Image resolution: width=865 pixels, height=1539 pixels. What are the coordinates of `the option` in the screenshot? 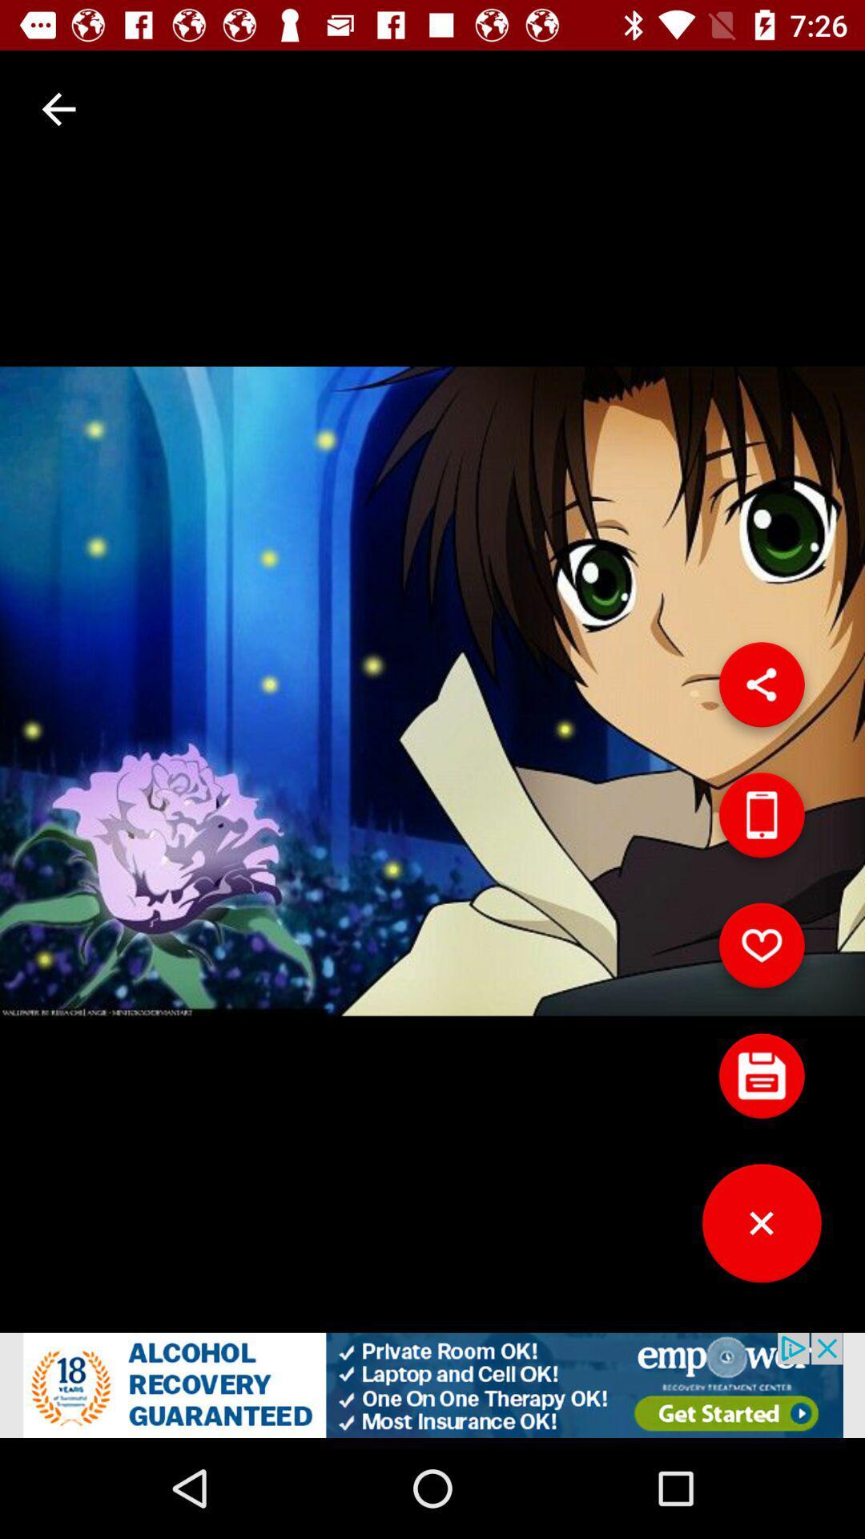 It's located at (432, 1384).